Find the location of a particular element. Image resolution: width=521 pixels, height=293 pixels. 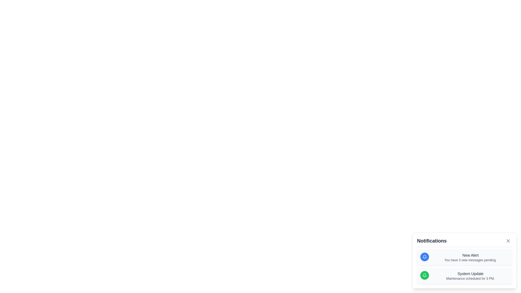

the bell icon located at the top right of the notification box to interact with it and view notifications or alerts is located at coordinates (424, 275).